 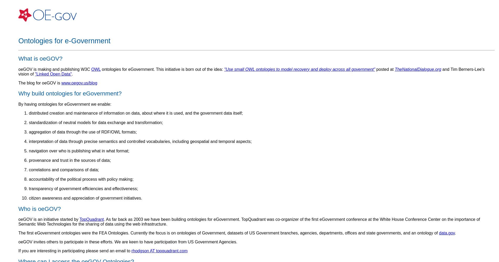 I want to click on 'The first eGovernment ontologies were the FEA Ontologies. 
Currently the focus is on ontologies of Government, datasets of US Government branches, agencies, departments, offices and state governments, and an ontology of', so click(x=228, y=233).